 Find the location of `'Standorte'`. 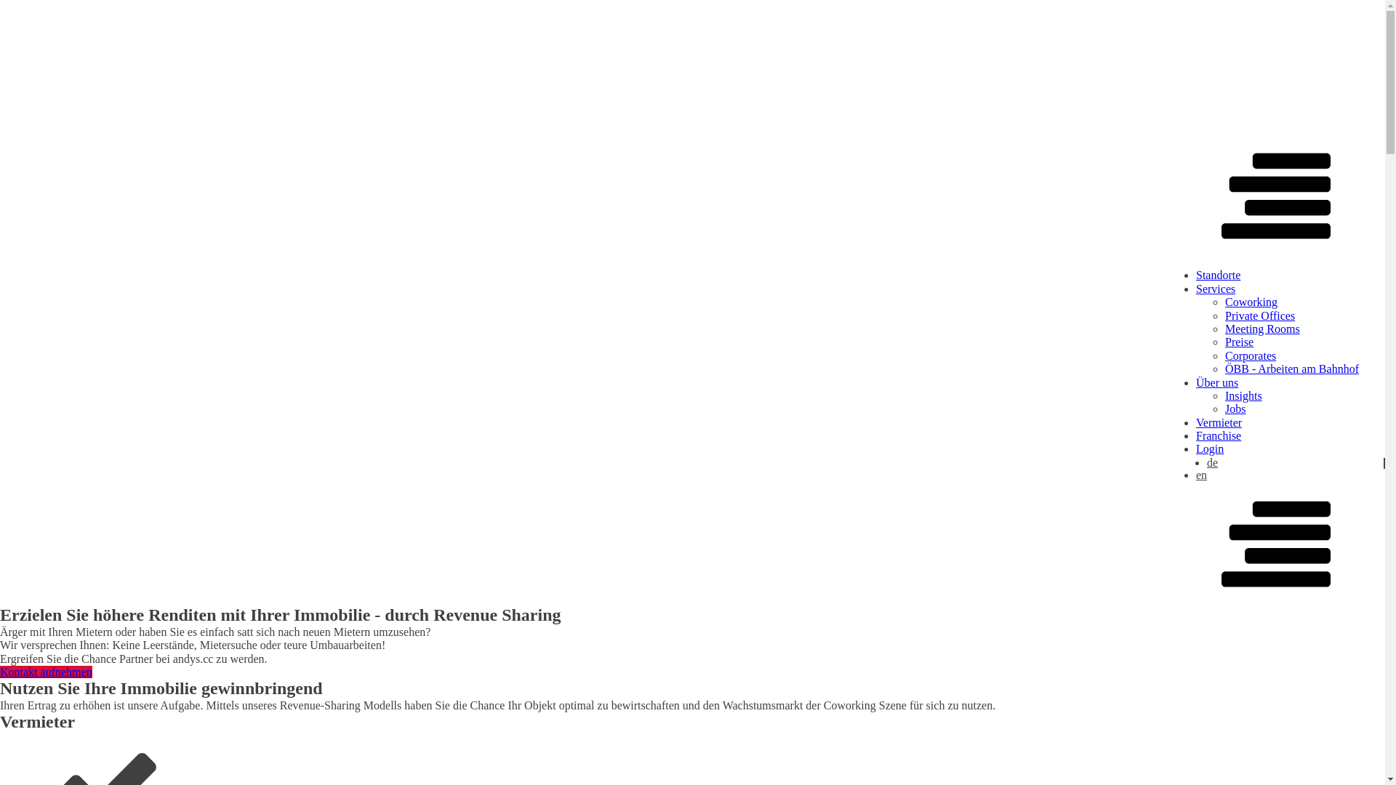

'Standorte' is located at coordinates (1218, 275).